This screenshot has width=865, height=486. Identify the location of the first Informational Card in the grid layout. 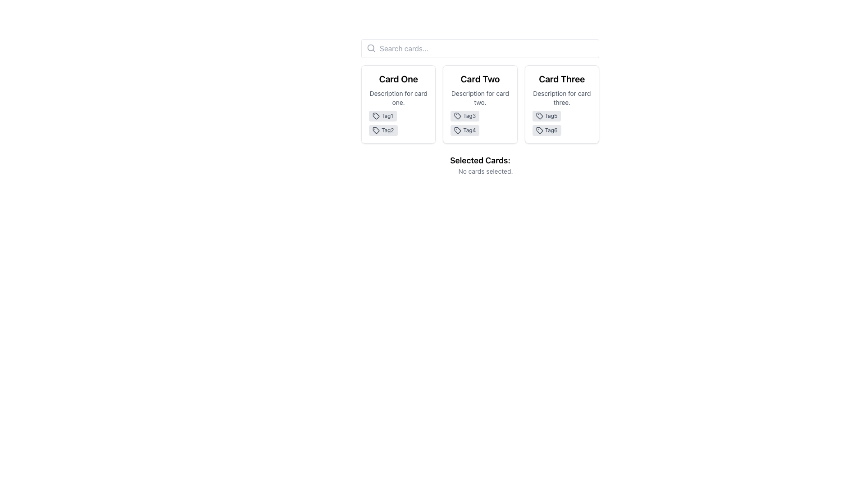
(398, 103).